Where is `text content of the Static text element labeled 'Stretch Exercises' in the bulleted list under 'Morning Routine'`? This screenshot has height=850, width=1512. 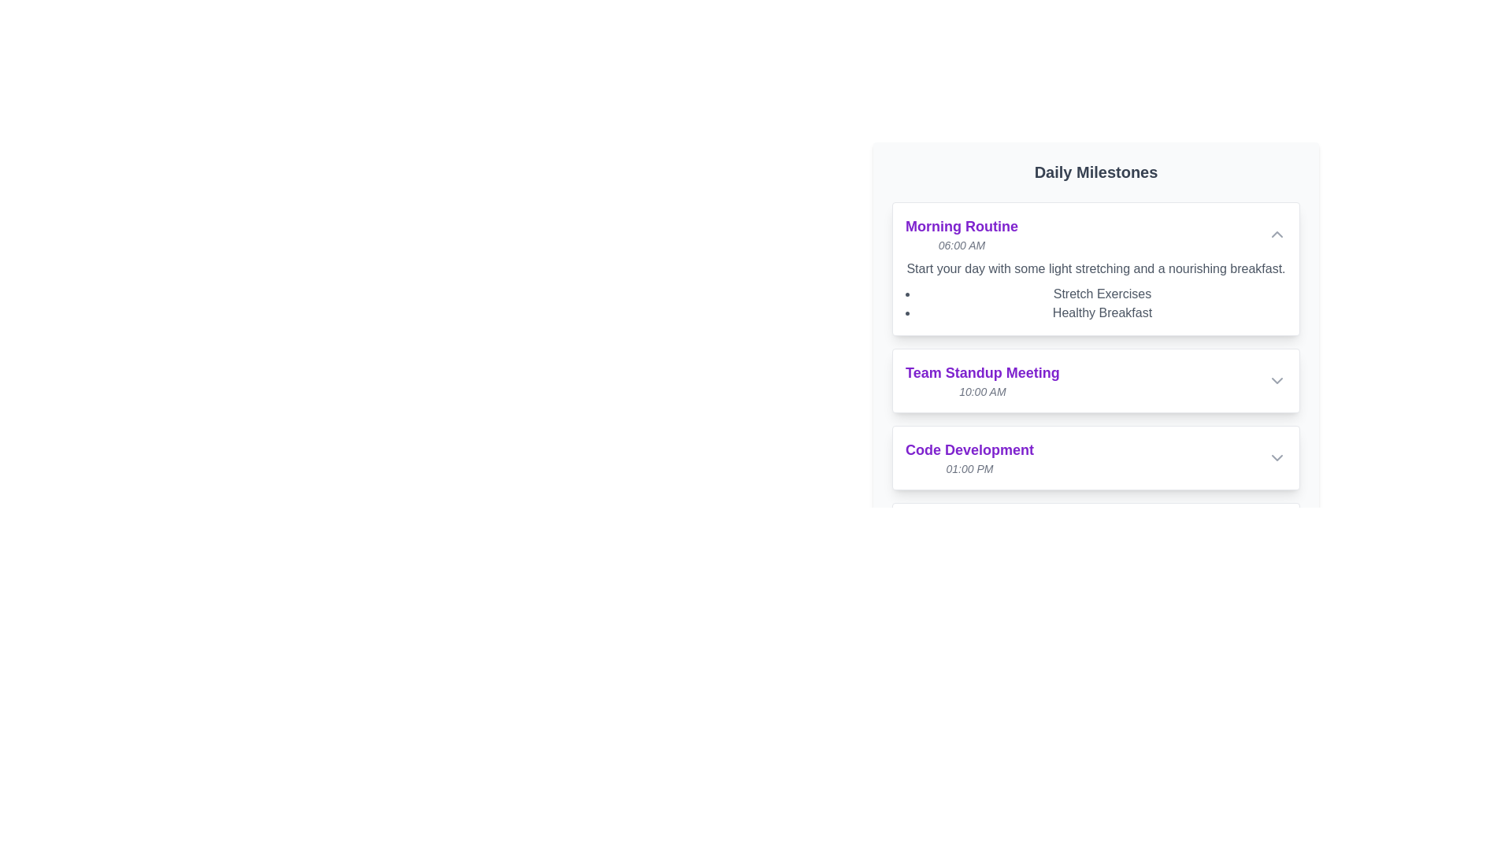
text content of the Static text element labeled 'Stretch Exercises' in the bulleted list under 'Morning Routine' is located at coordinates (1102, 294).